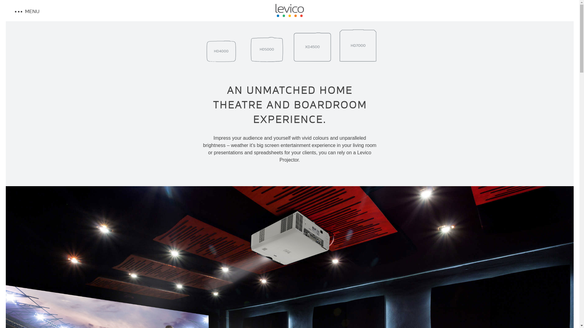  Describe the element at coordinates (312, 46) in the screenshot. I see `'0'` at that location.